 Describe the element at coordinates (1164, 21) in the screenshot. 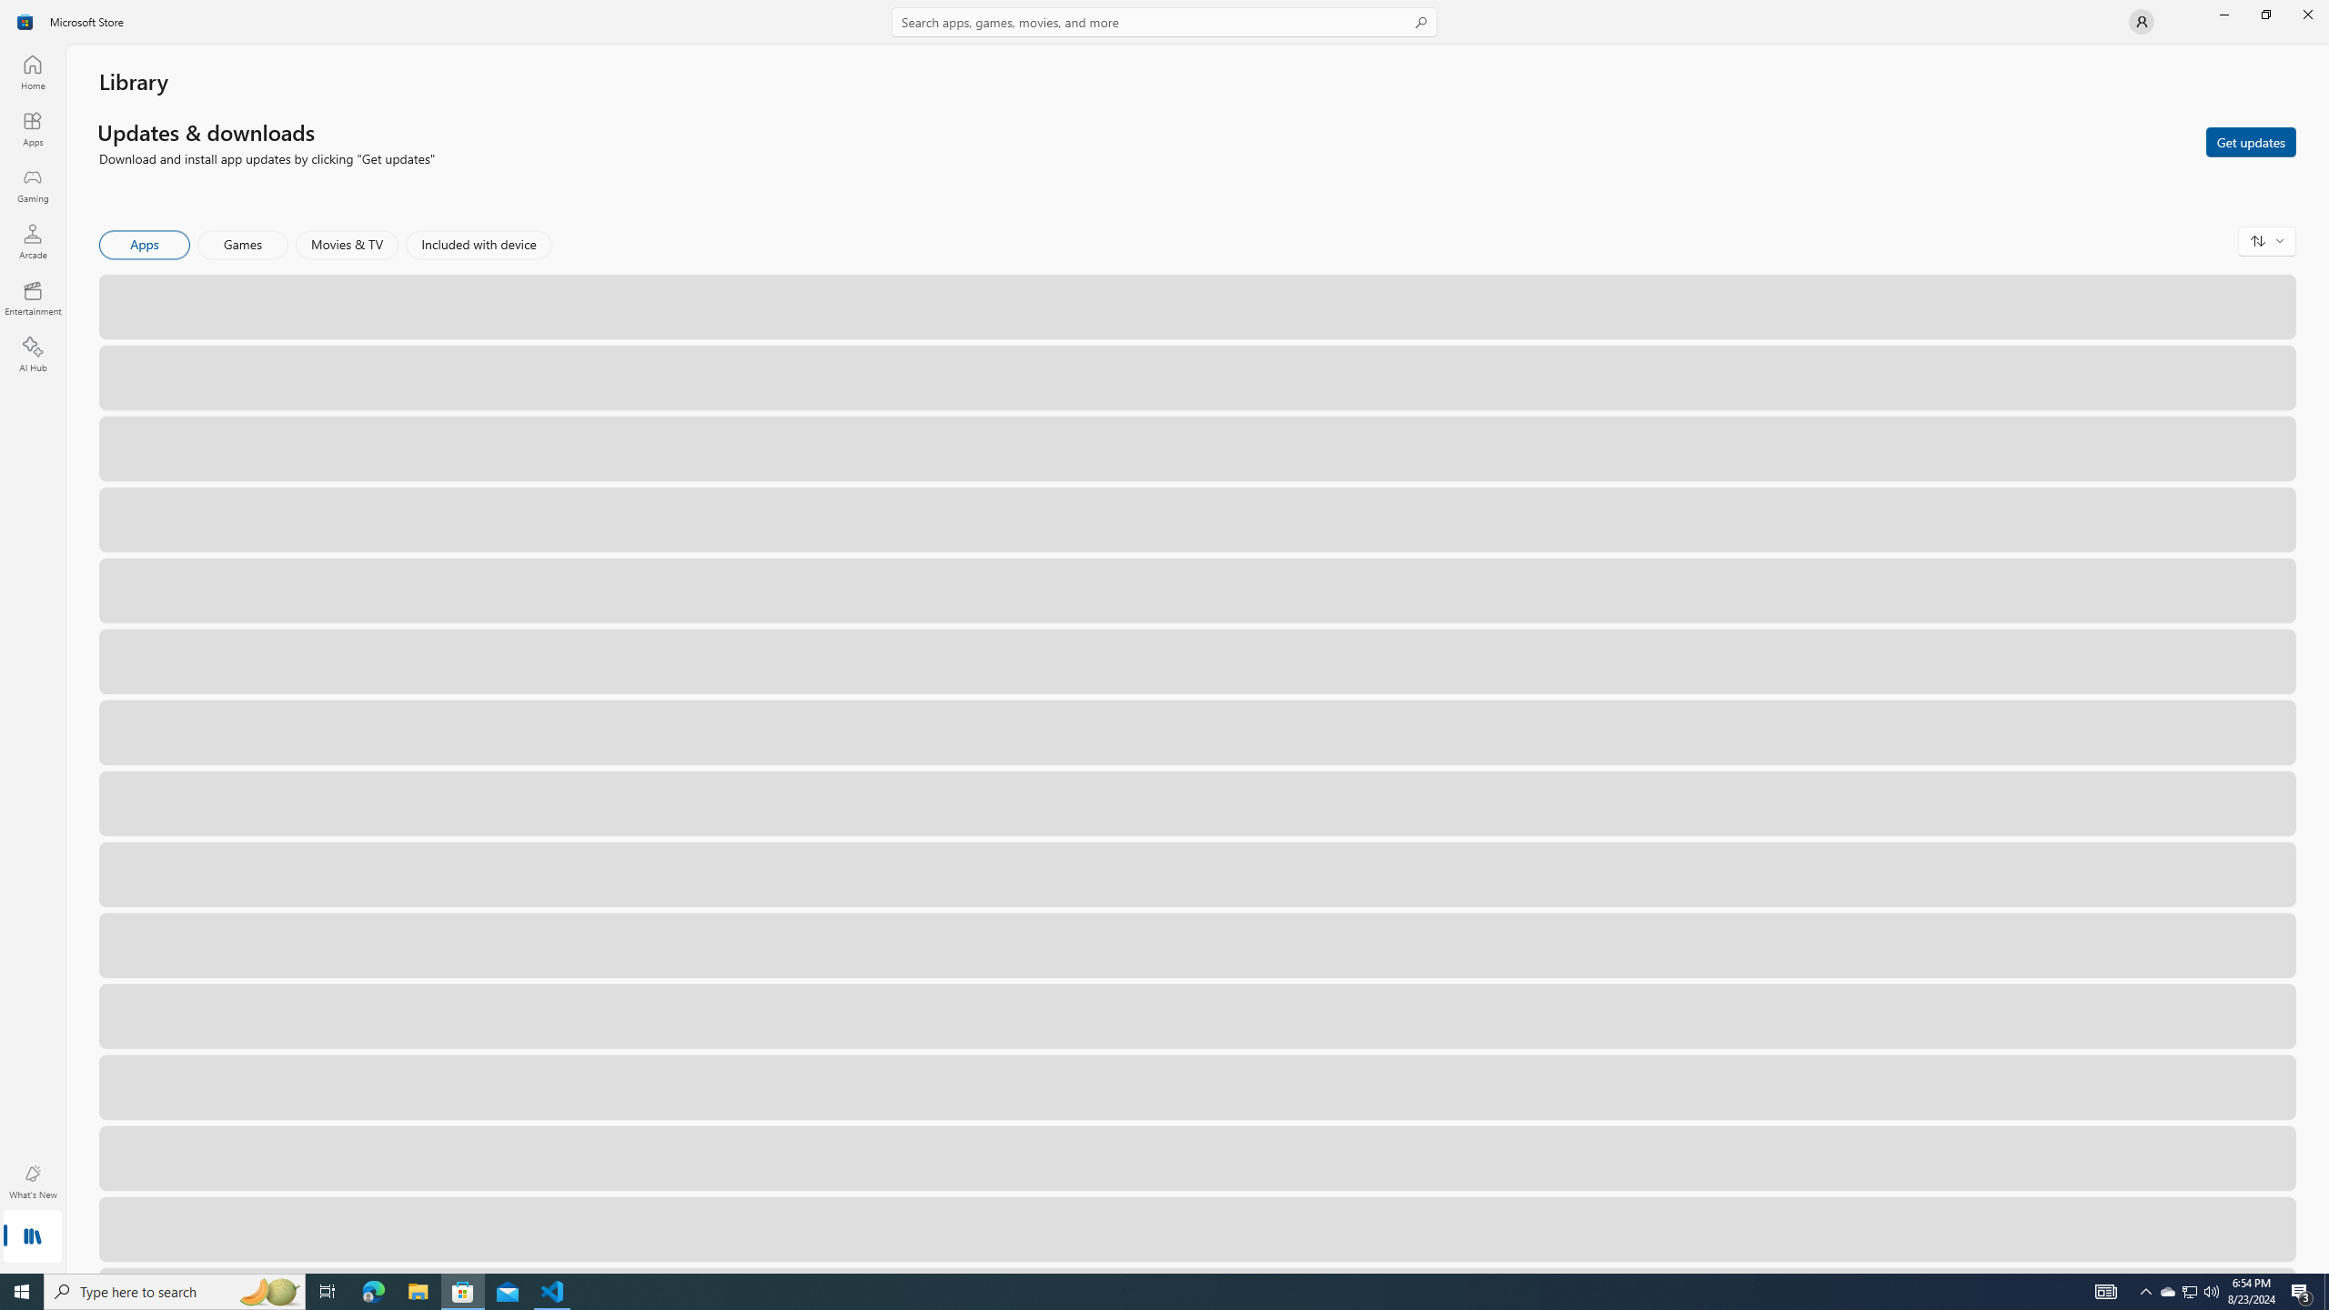

I see `'Search'` at that location.